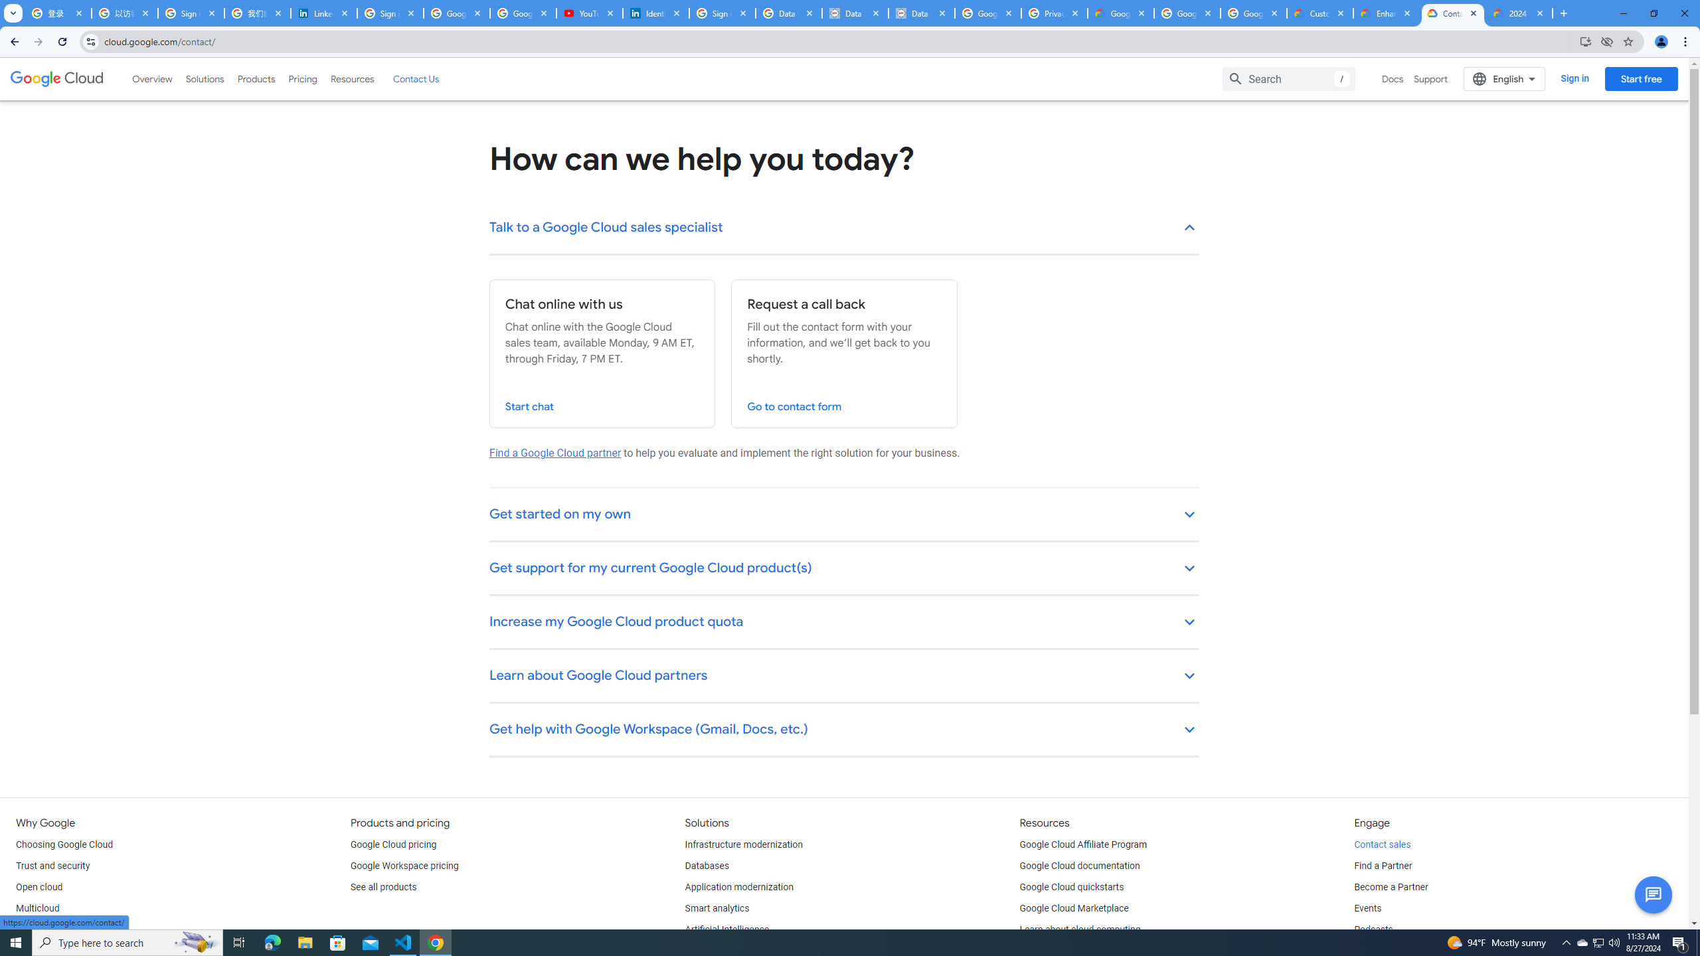  What do you see at coordinates (1321, 13) in the screenshot?
I see `'Customer Care | Google Cloud'` at bounding box center [1321, 13].